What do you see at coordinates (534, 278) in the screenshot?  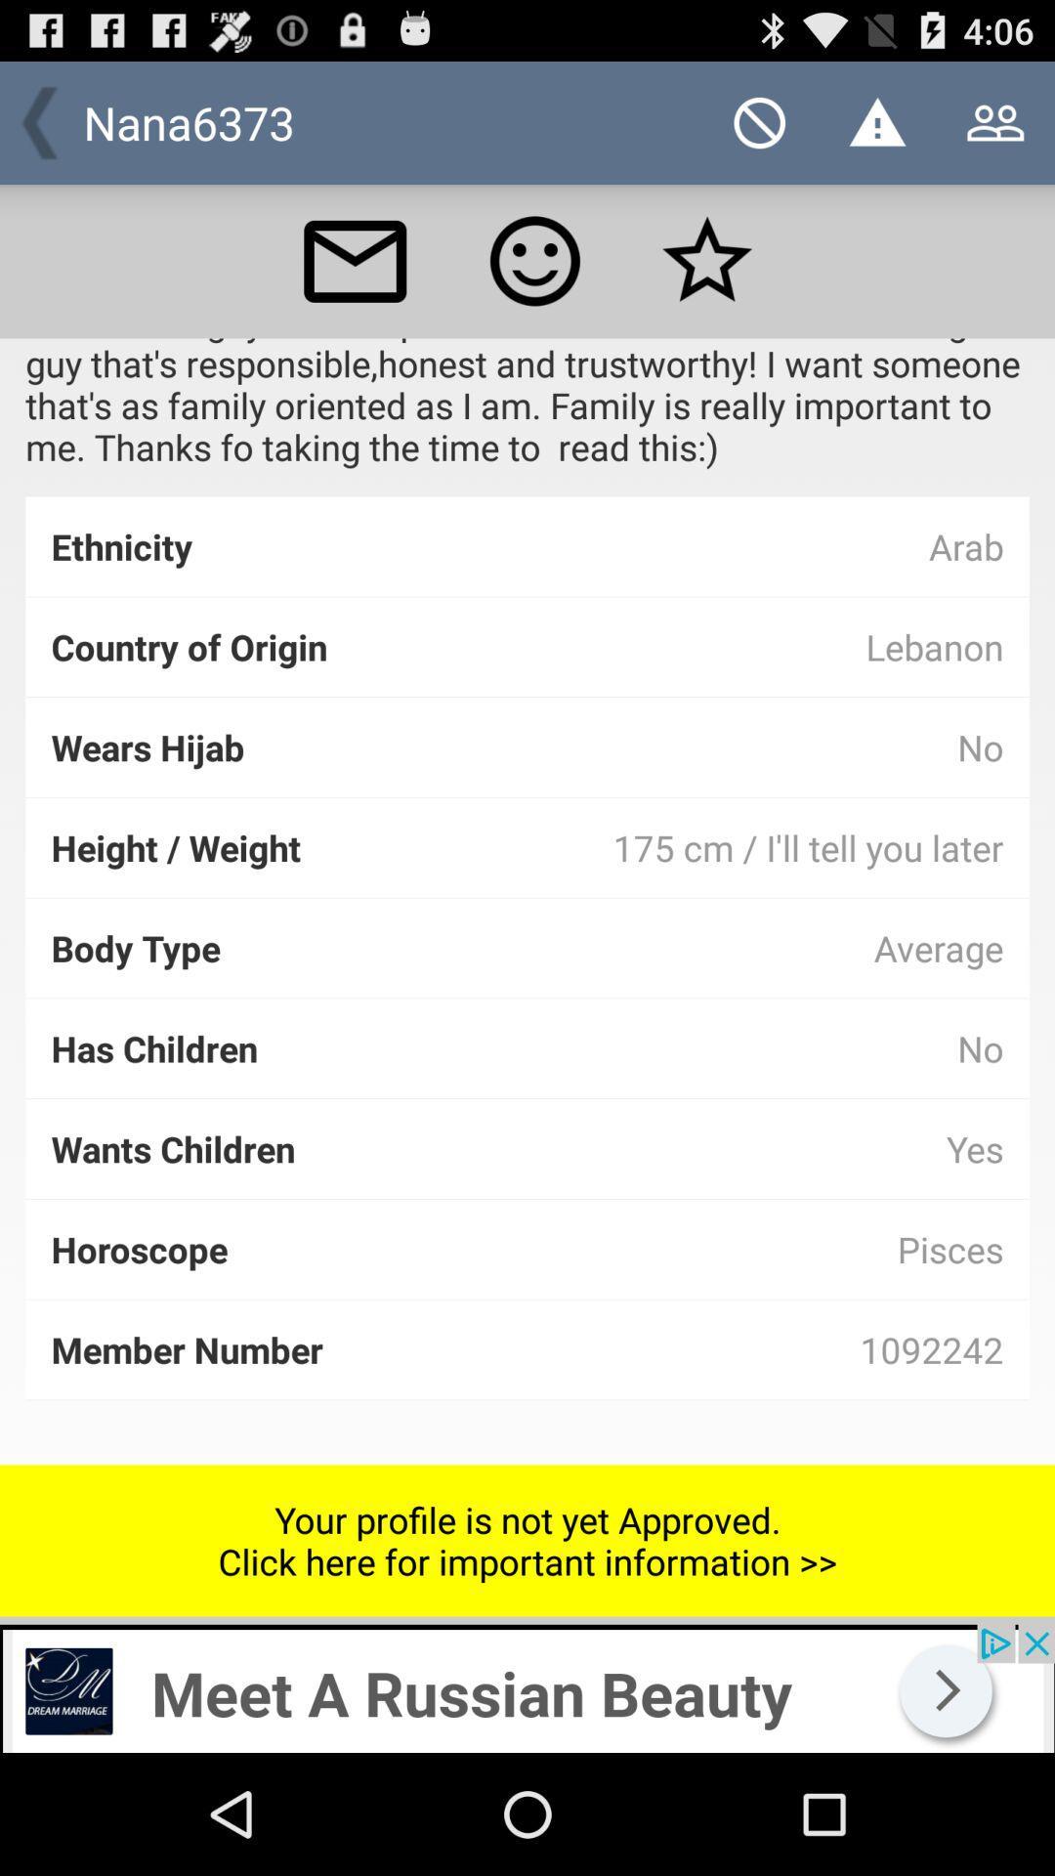 I see `the emoji icon` at bounding box center [534, 278].